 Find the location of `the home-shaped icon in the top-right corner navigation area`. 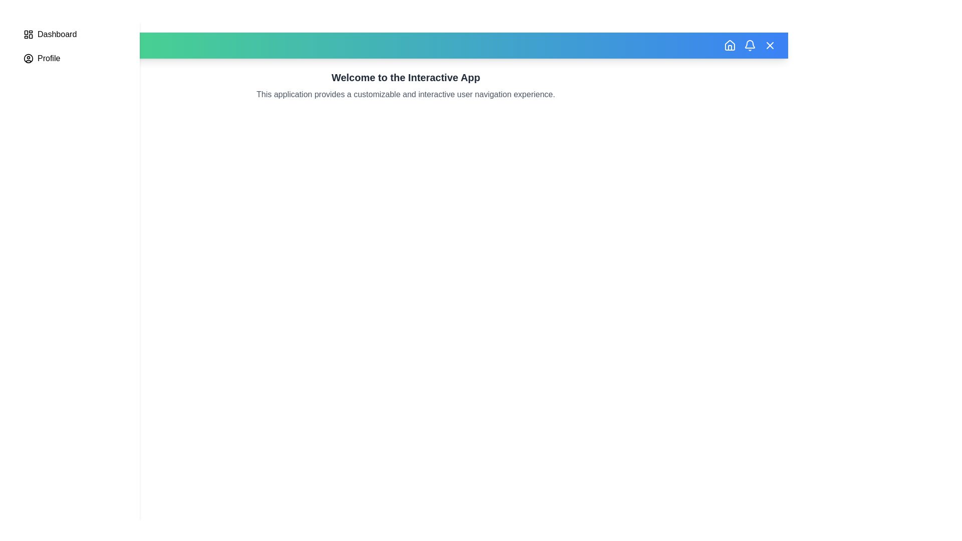

the home-shaped icon in the top-right corner navigation area is located at coordinates (730, 46).